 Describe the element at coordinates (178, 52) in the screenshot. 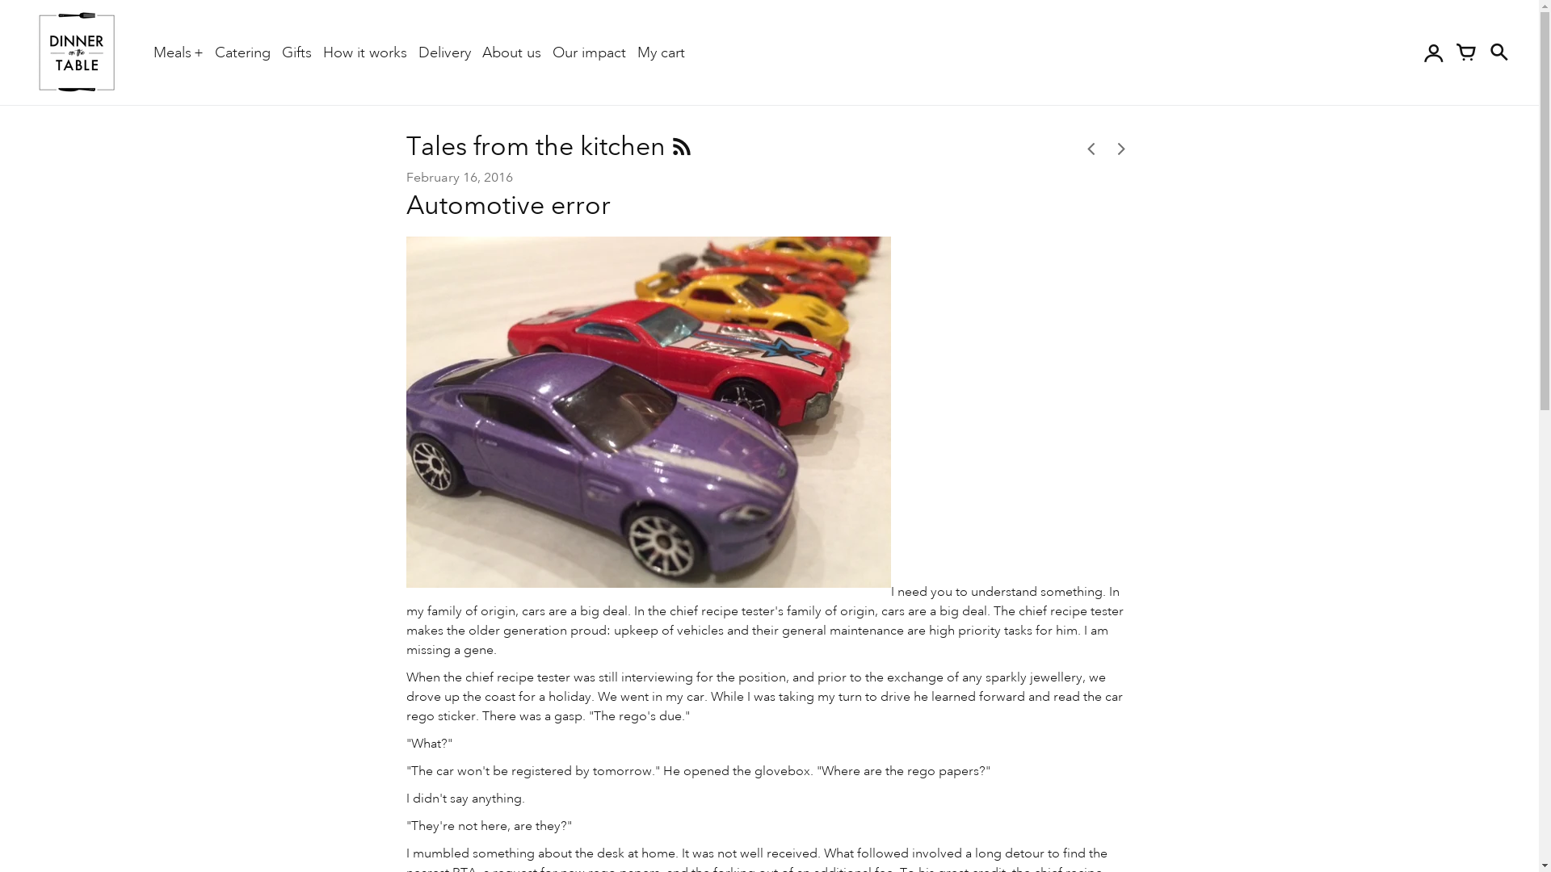

I see `'Meals'` at that location.